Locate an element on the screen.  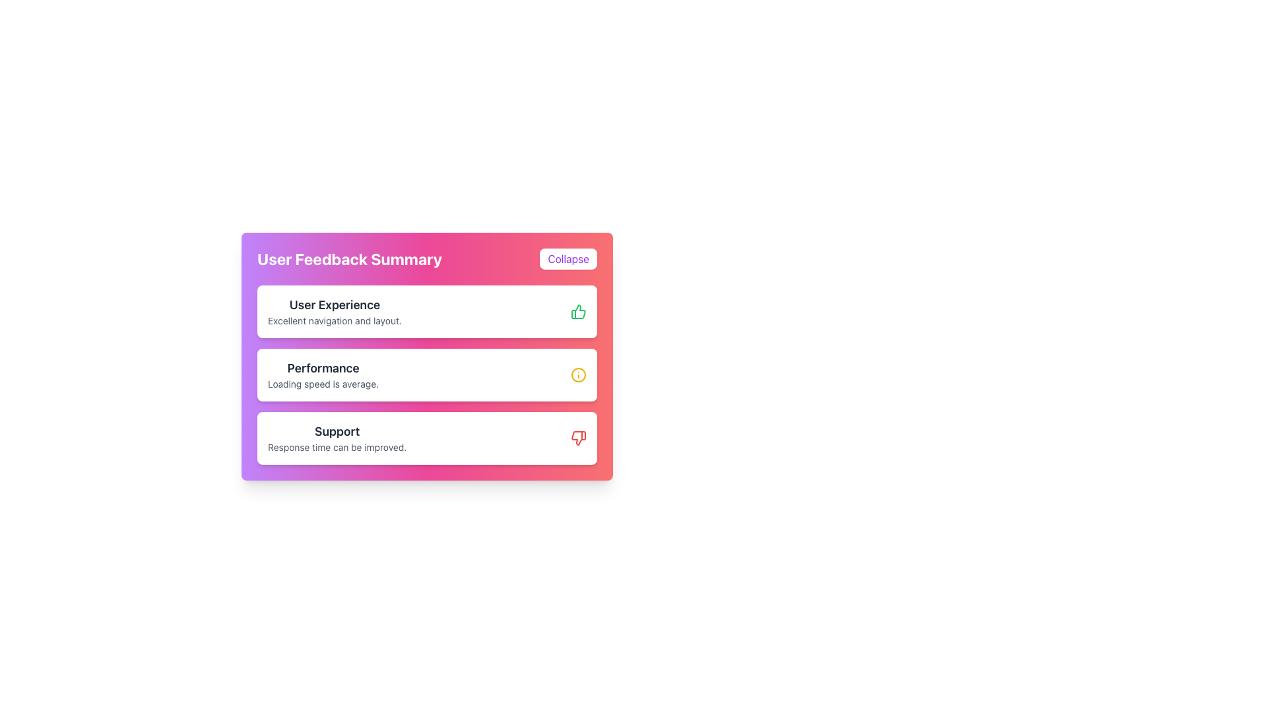
the circular graphical component with a yellow outline and solid white fill, which is the outer circle of an icon located to the right of the 'Performance' feedback section in the 'User Feedback Summary' card is located at coordinates (579, 375).